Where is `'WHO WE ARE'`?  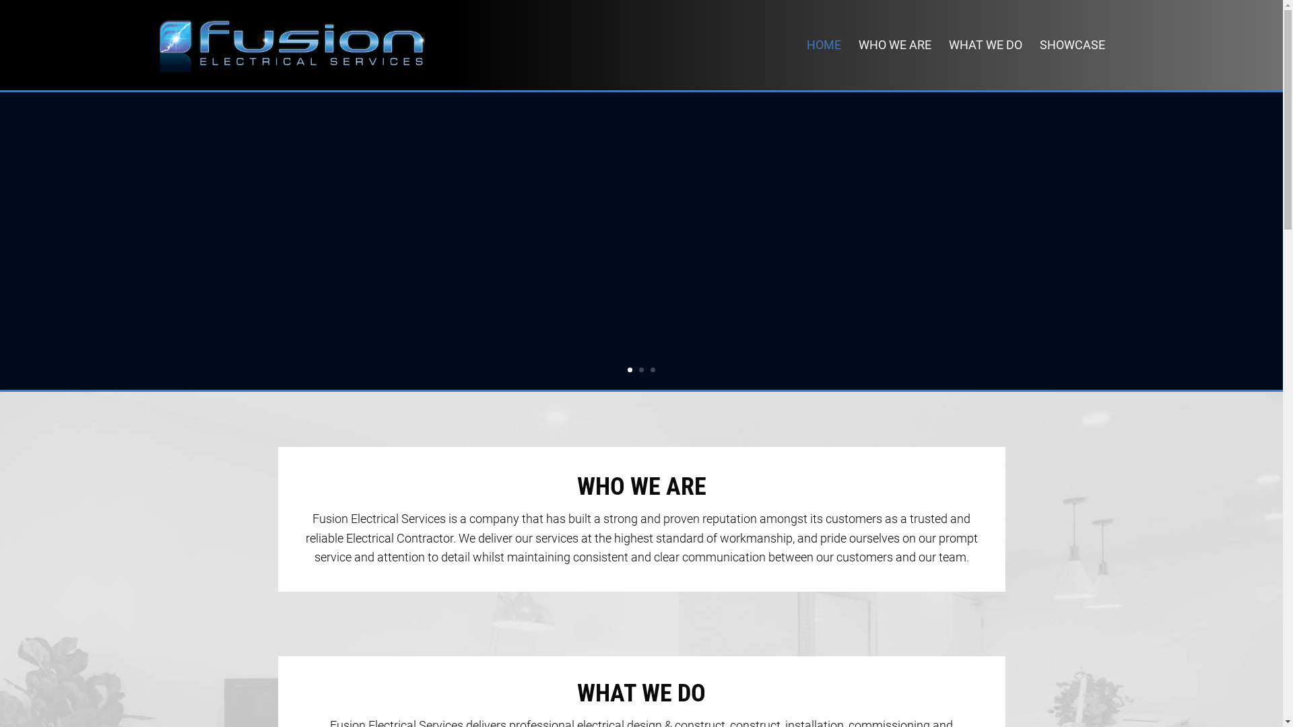 'WHO WE ARE' is located at coordinates (894, 65).